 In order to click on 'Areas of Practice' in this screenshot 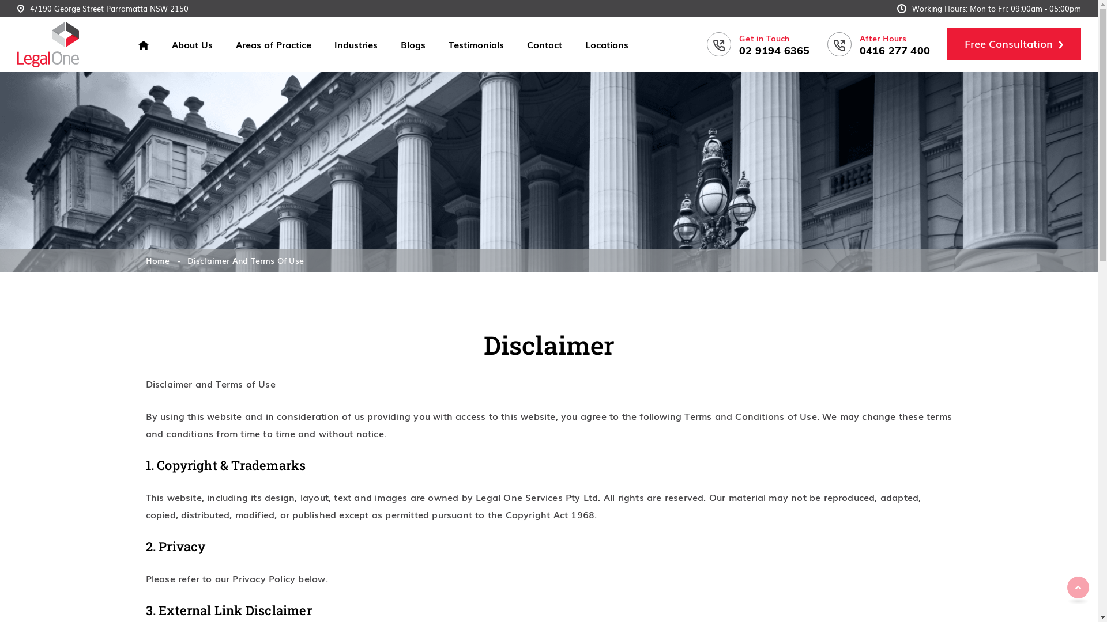, I will do `click(273, 44)`.